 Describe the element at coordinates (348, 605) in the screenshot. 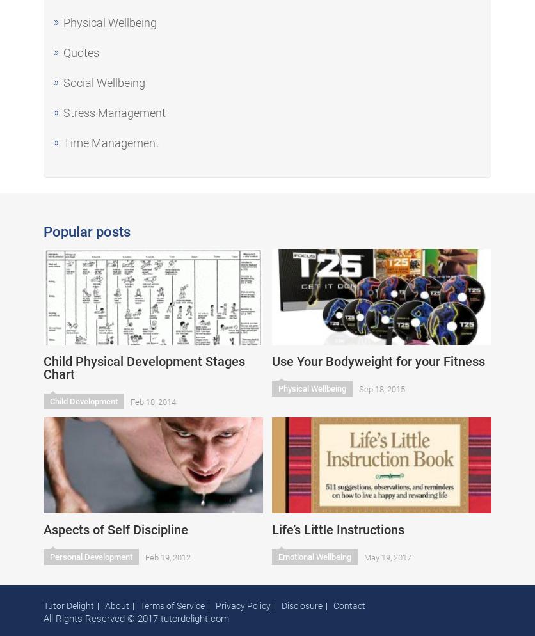

I see `'Contact'` at that location.